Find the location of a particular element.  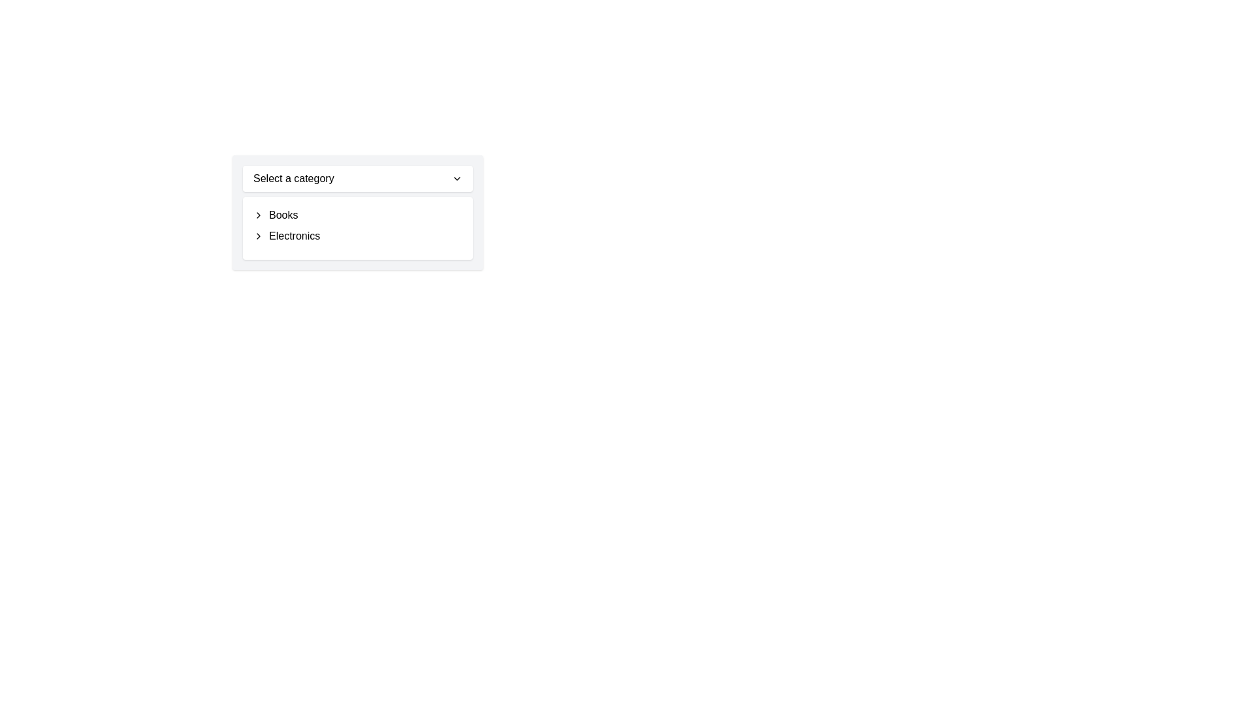

the chevron icon located to the left of the 'Electronics' text in the second item of the dropdown menu is located at coordinates (258, 236).